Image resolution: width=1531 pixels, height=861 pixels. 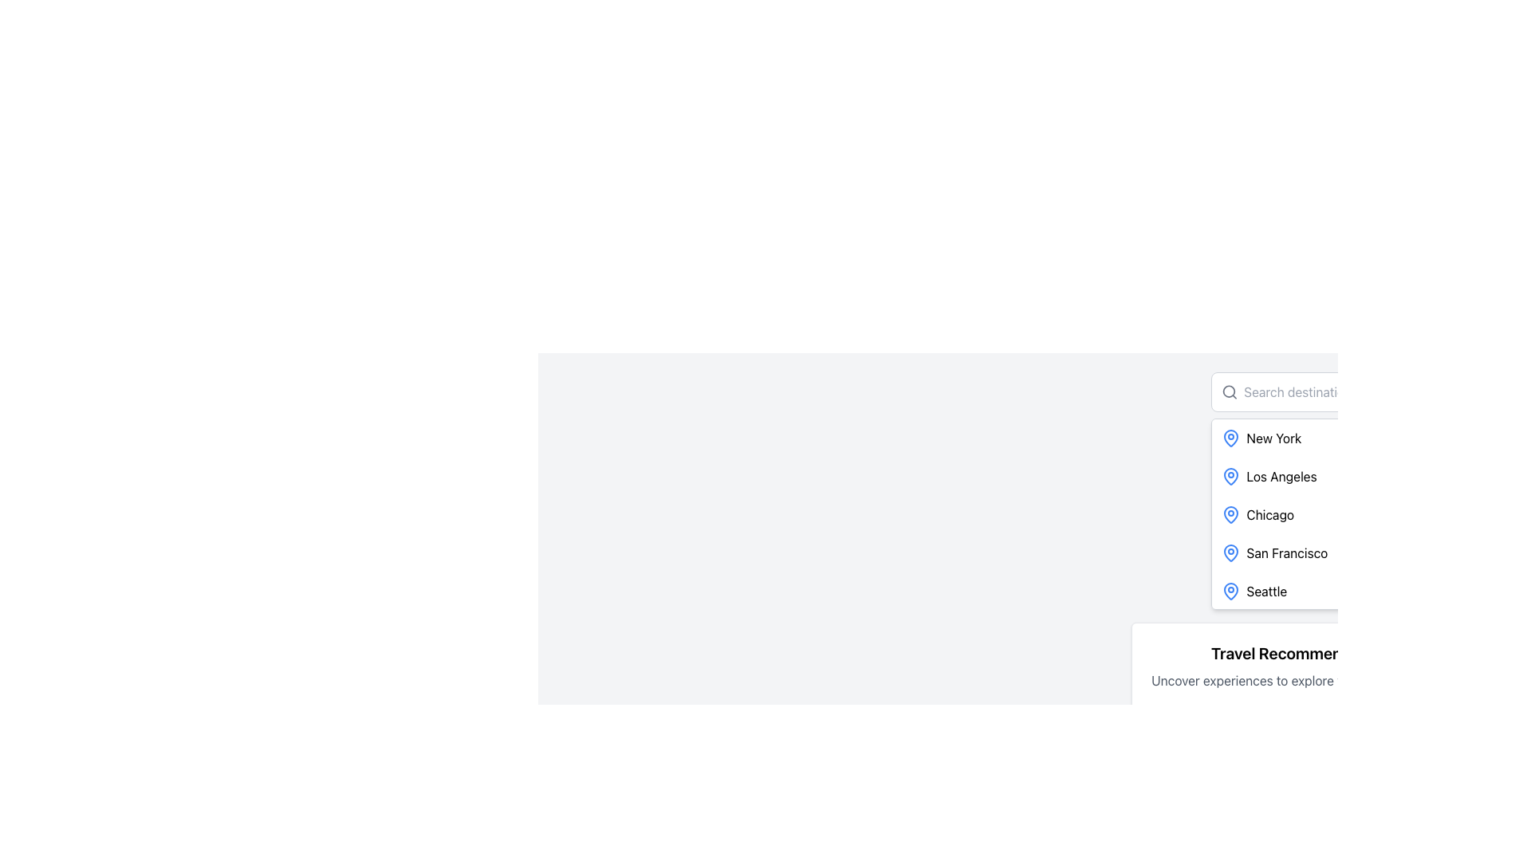 I want to click on the third marker icon in the list, which visually indicates the location for 'Chicago.', so click(x=1230, y=514).